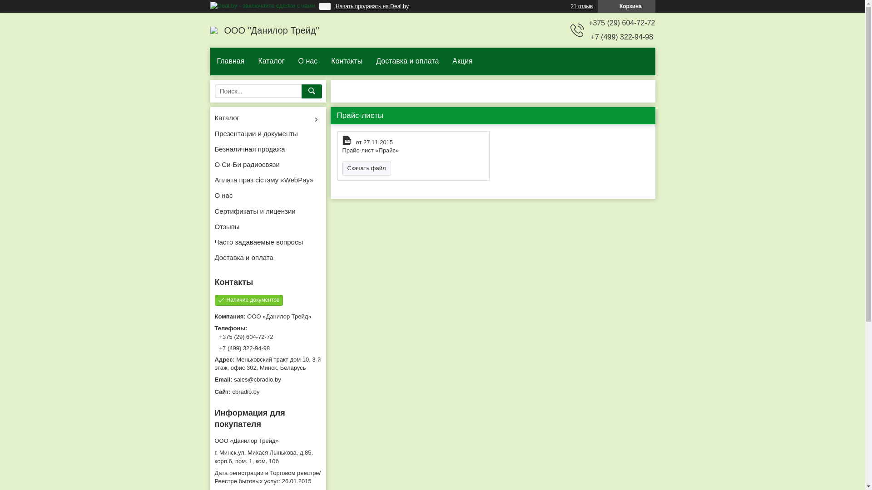  I want to click on 'cbradio.by', so click(213, 392).